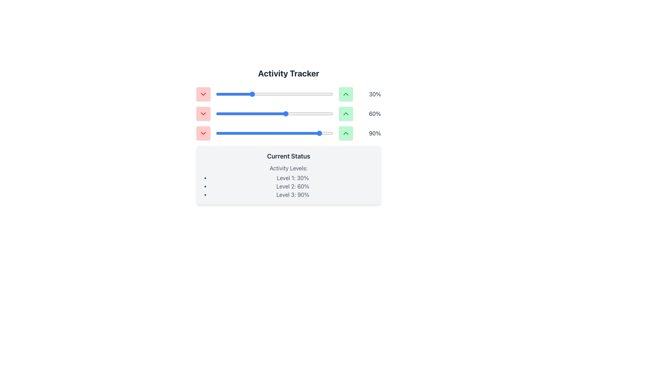  What do you see at coordinates (252, 94) in the screenshot?
I see `slider` at bounding box center [252, 94].